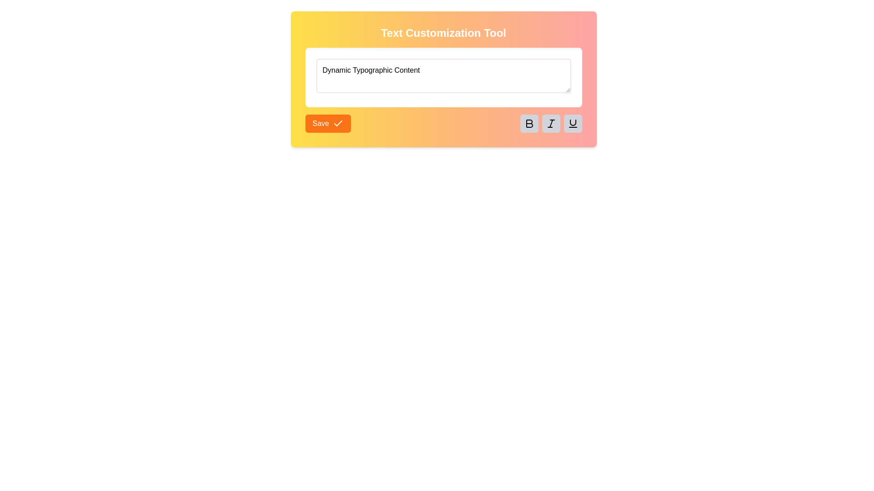  Describe the element at coordinates (338, 124) in the screenshot. I see `the confirmation icon located to the right of the 'Save' text on the Save button, which visually reinforces the action of saving entered text or settings` at that location.